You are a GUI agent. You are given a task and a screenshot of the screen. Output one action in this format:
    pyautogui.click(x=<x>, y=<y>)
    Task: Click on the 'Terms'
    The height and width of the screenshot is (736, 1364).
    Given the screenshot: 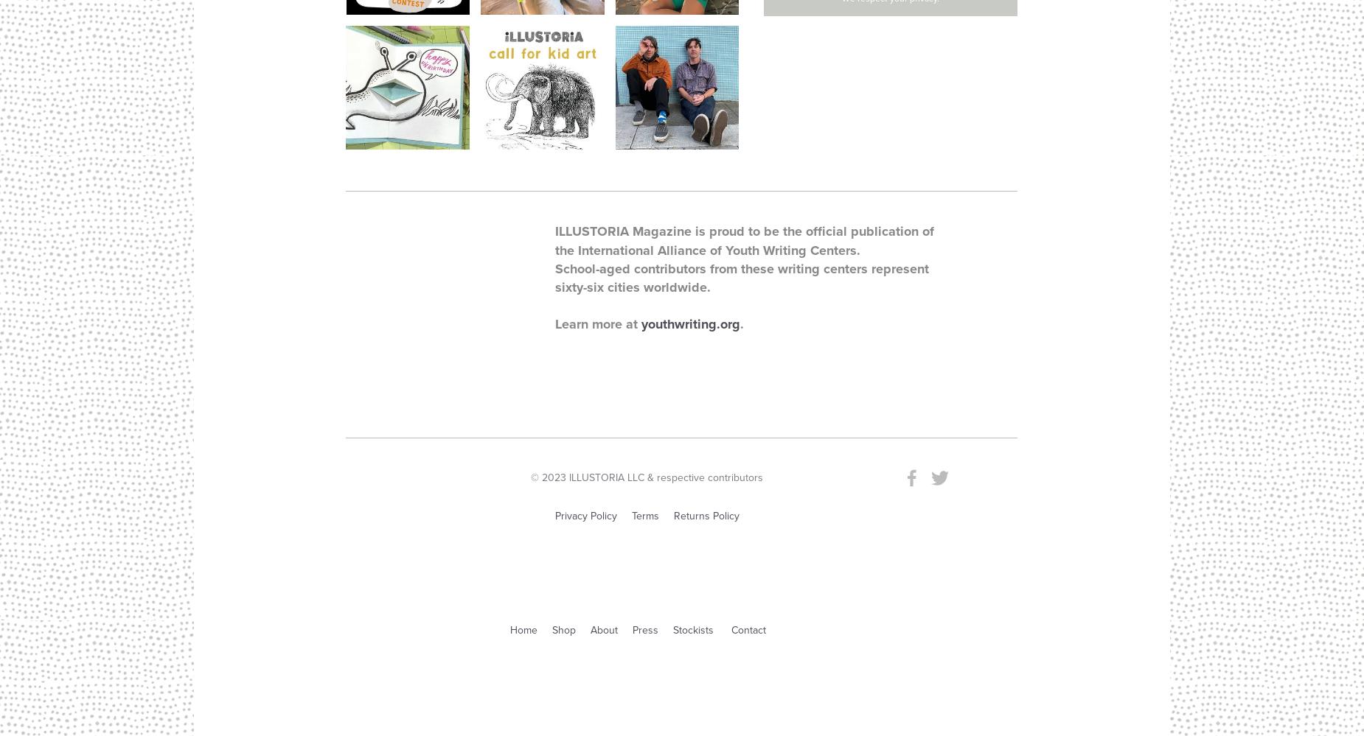 What is the action you would take?
    pyautogui.click(x=630, y=515)
    